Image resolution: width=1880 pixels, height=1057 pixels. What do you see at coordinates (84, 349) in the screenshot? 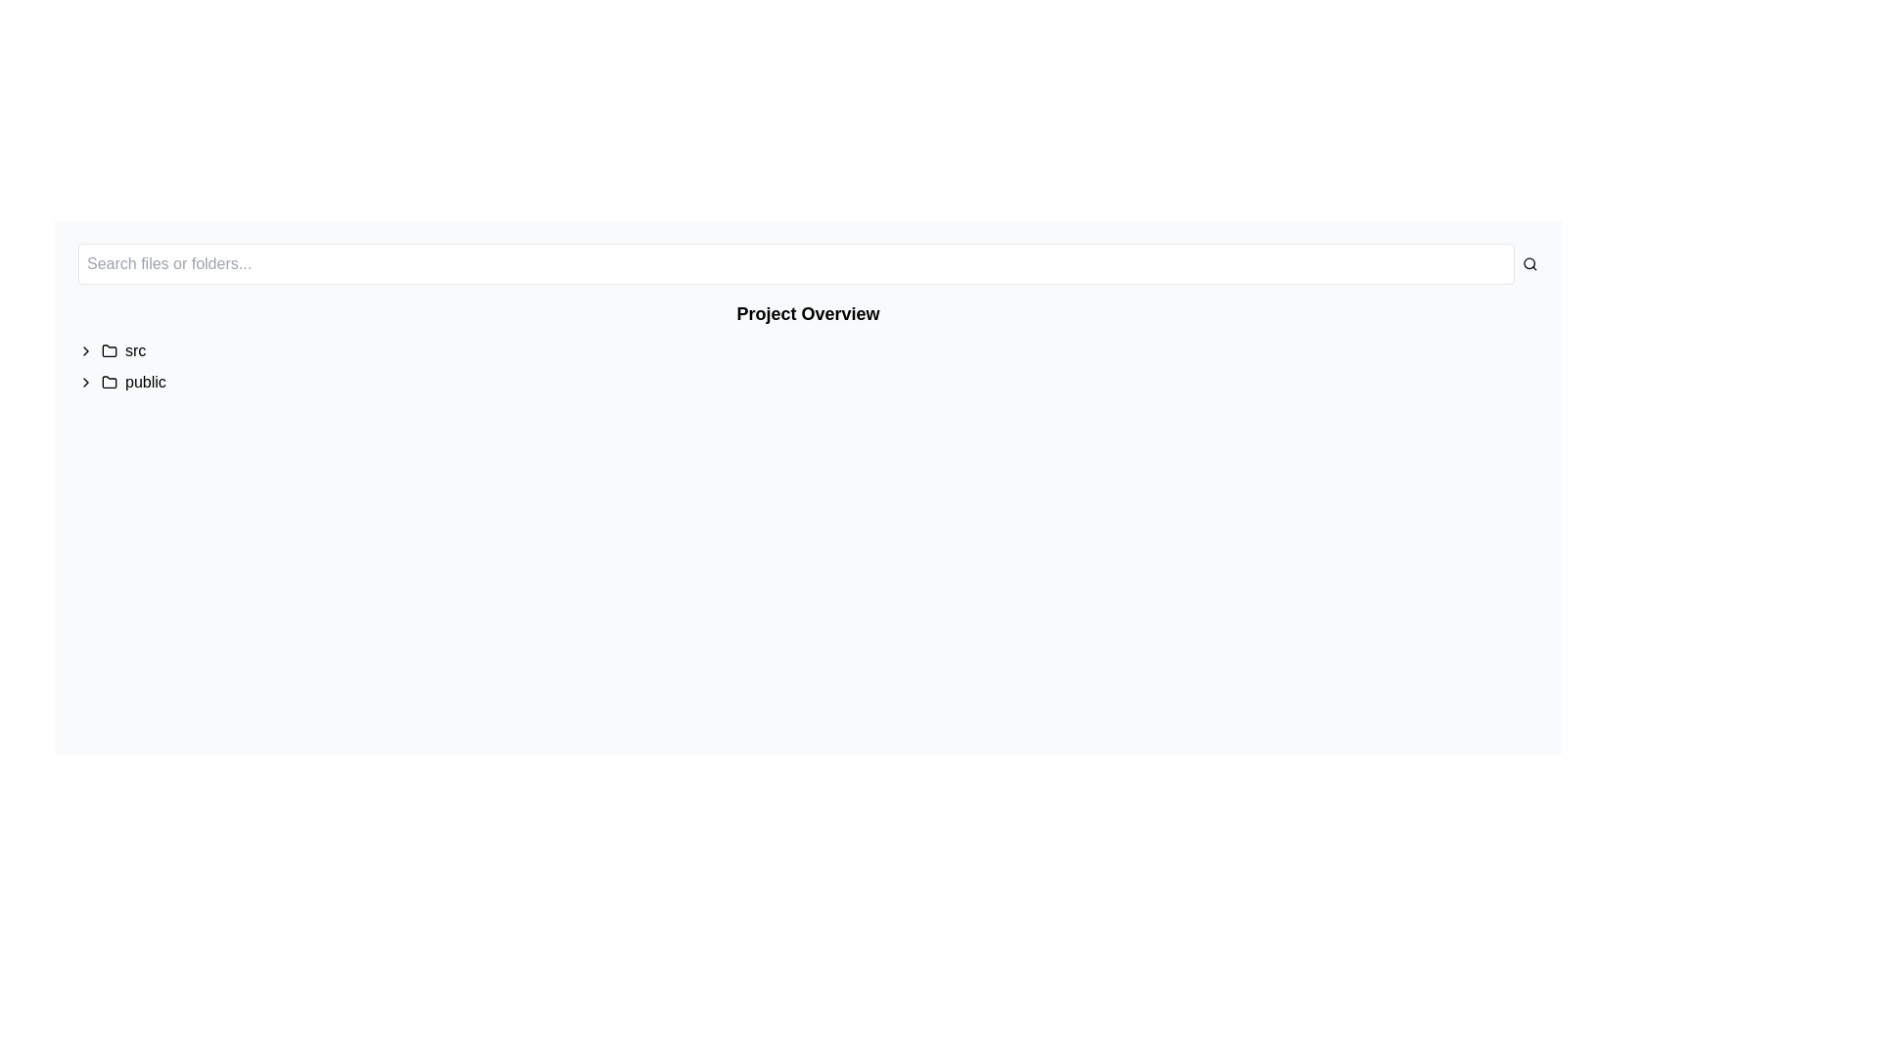
I see `the expandable icon located immediately to the left of the 'src' text item` at bounding box center [84, 349].